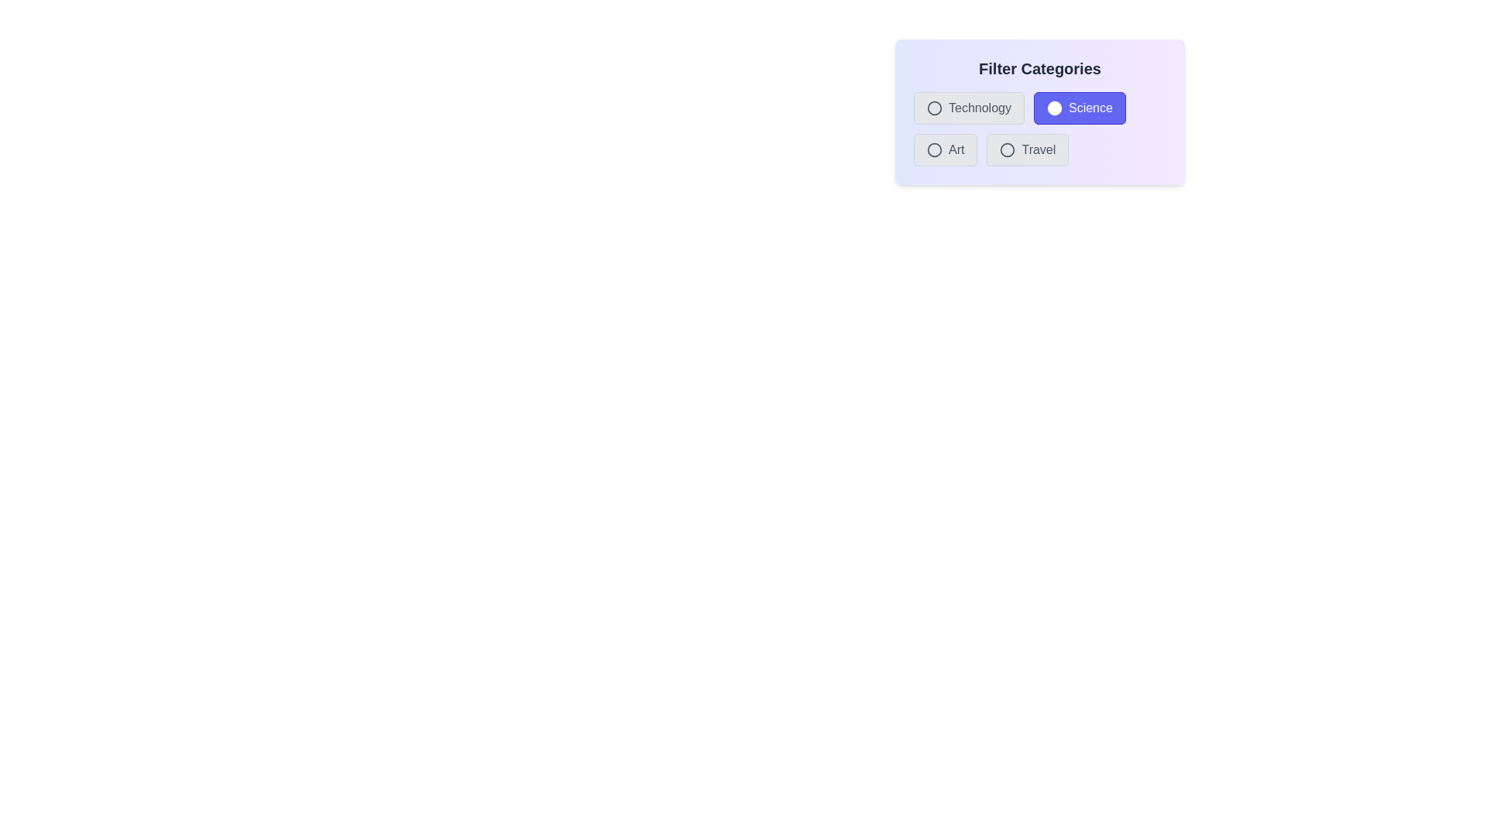  Describe the element at coordinates (933, 107) in the screenshot. I see `the category Technology` at that location.